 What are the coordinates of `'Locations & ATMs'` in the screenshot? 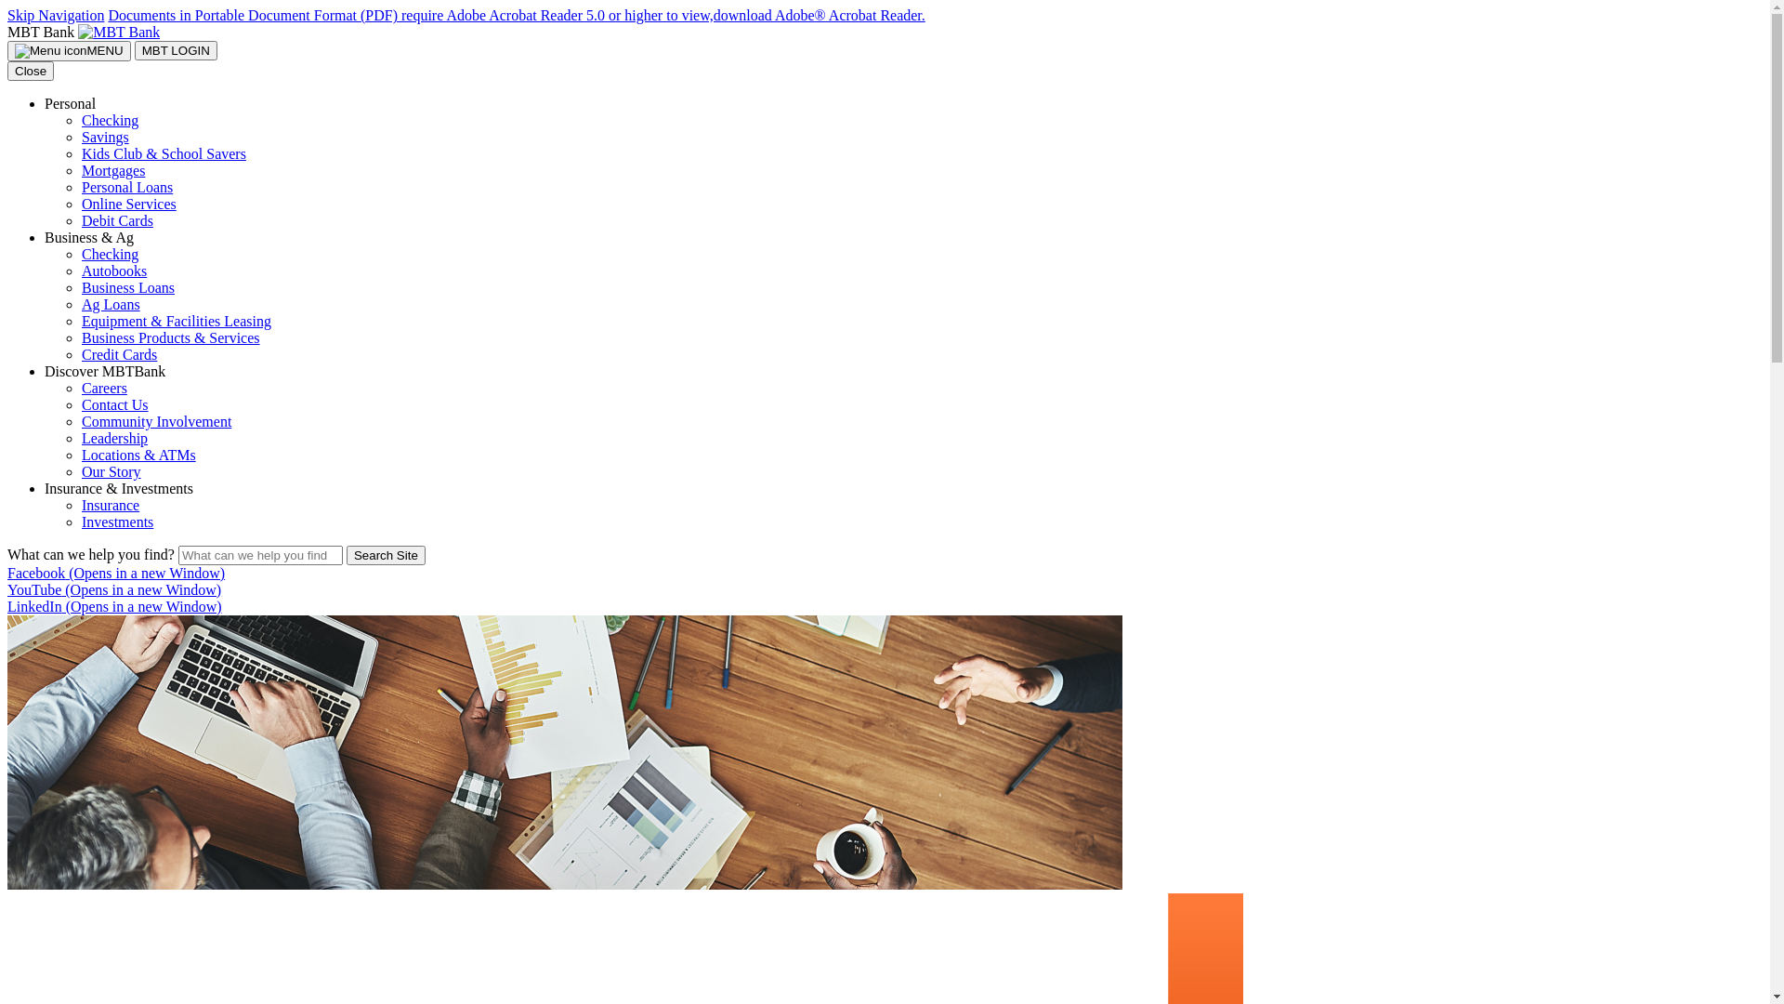 It's located at (138, 455).